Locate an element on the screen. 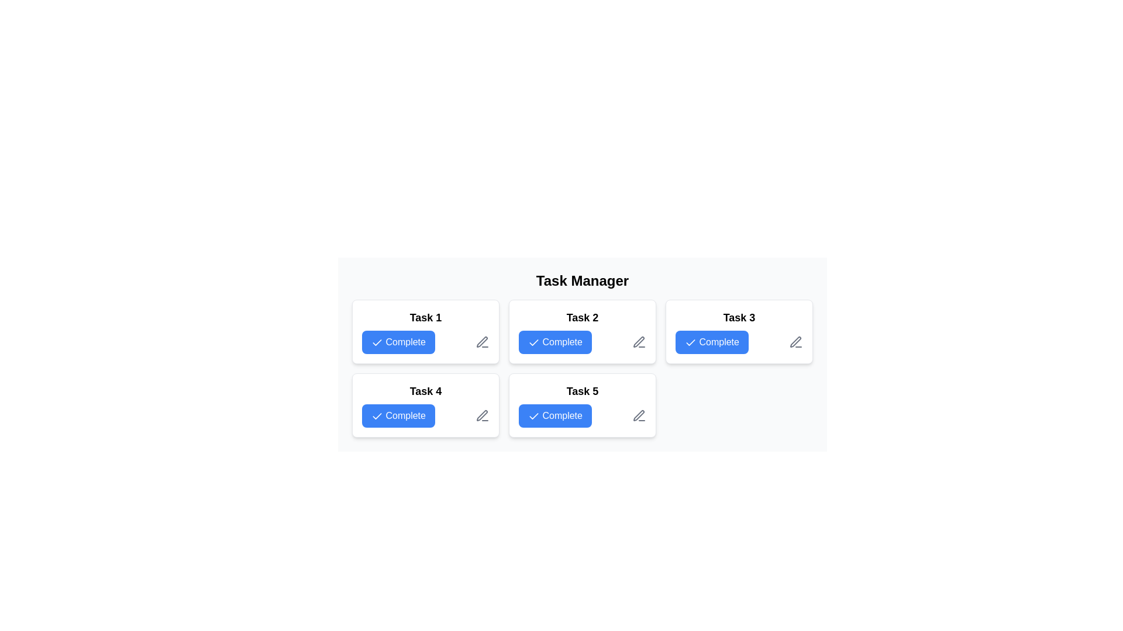 Image resolution: width=1123 pixels, height=631 pixels. the checkmark icon embedded in the blue 'Complete' button within the 'Task 2' card is located at coordinates (533, 342).